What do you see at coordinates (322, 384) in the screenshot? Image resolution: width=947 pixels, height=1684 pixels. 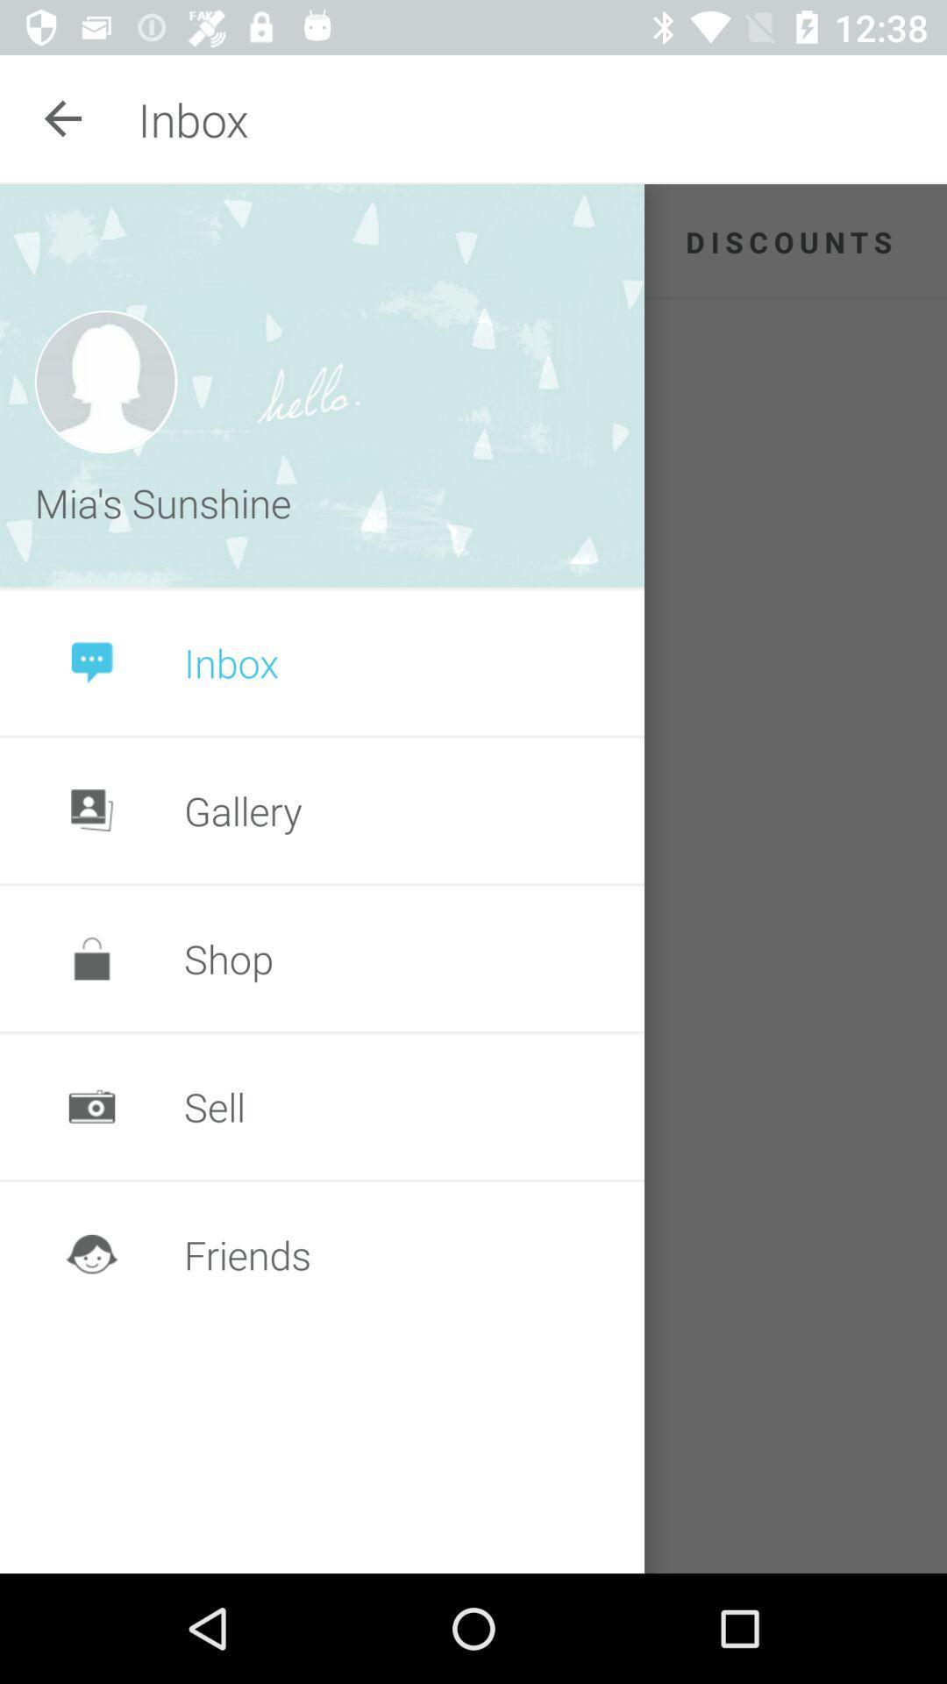 I see `the icon to the left of the discounts app` at bounding box center [322, 384].